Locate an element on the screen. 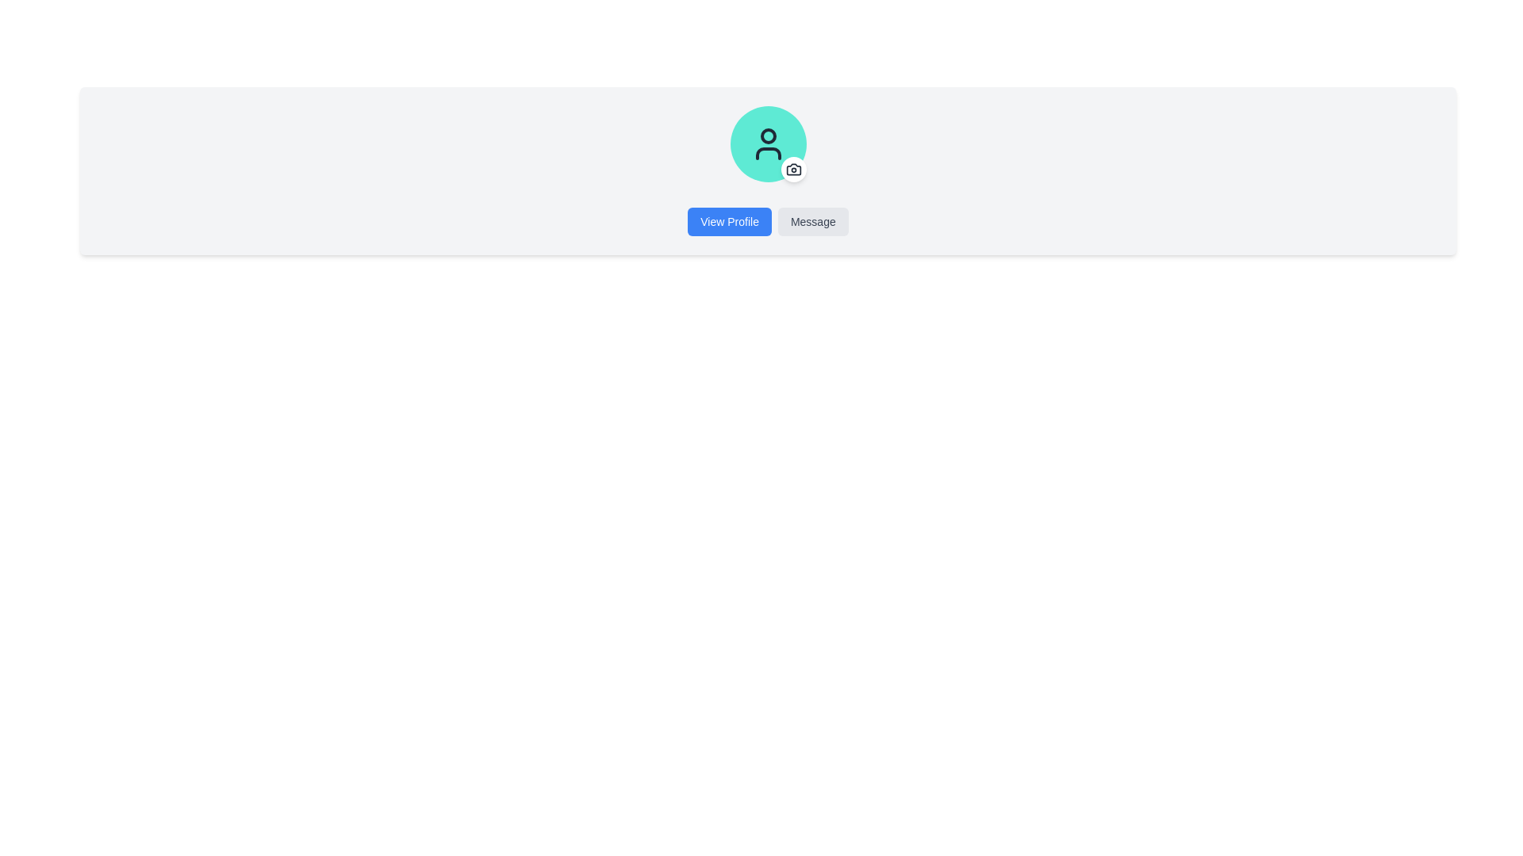 The height and width of the screenshot is (856, 1523). the small camera icon located at the bottom-right corner of the circular profile picture is located at coordinates (793, 169).